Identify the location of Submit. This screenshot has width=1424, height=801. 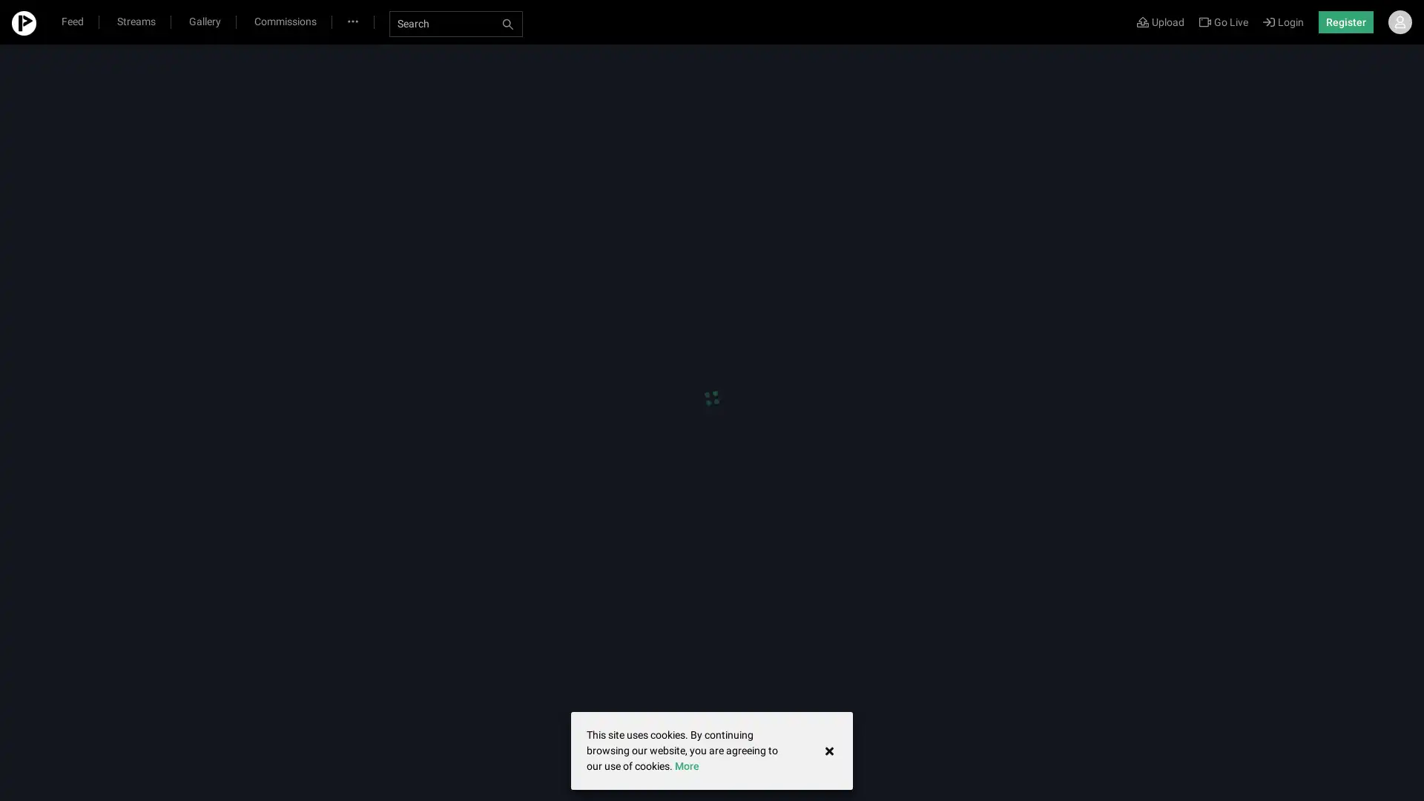
(785, 193).